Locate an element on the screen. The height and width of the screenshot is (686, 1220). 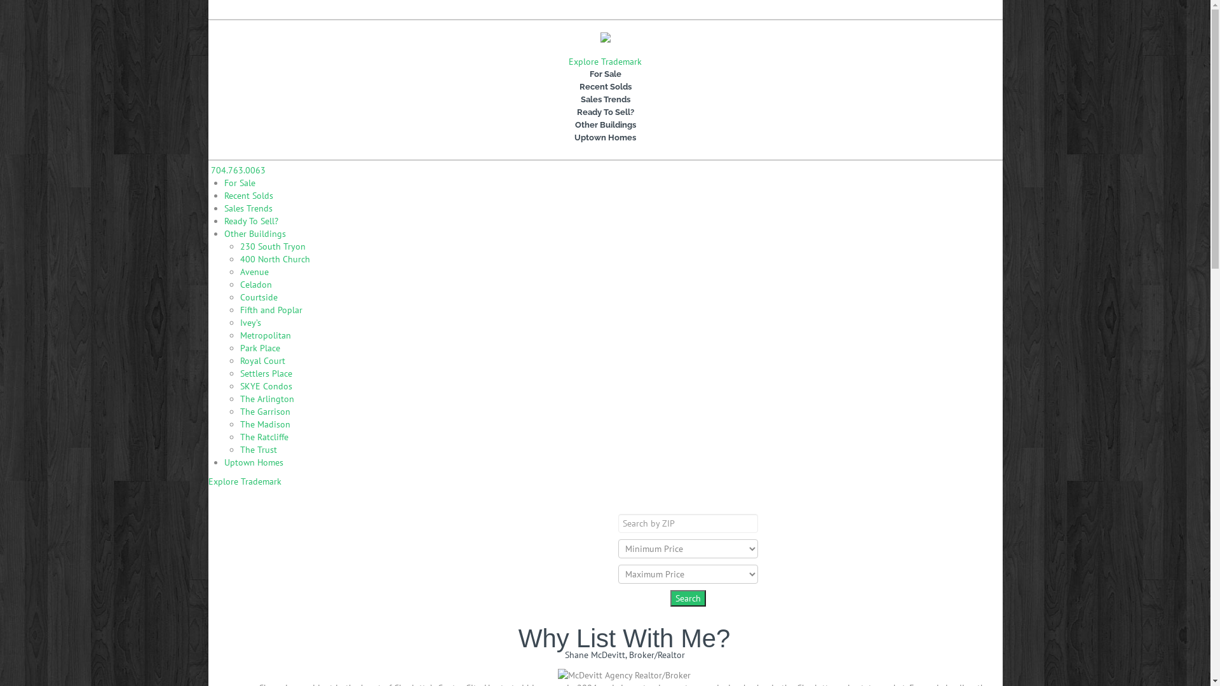
'Settlers Place' is located at coordinates (265, 372).